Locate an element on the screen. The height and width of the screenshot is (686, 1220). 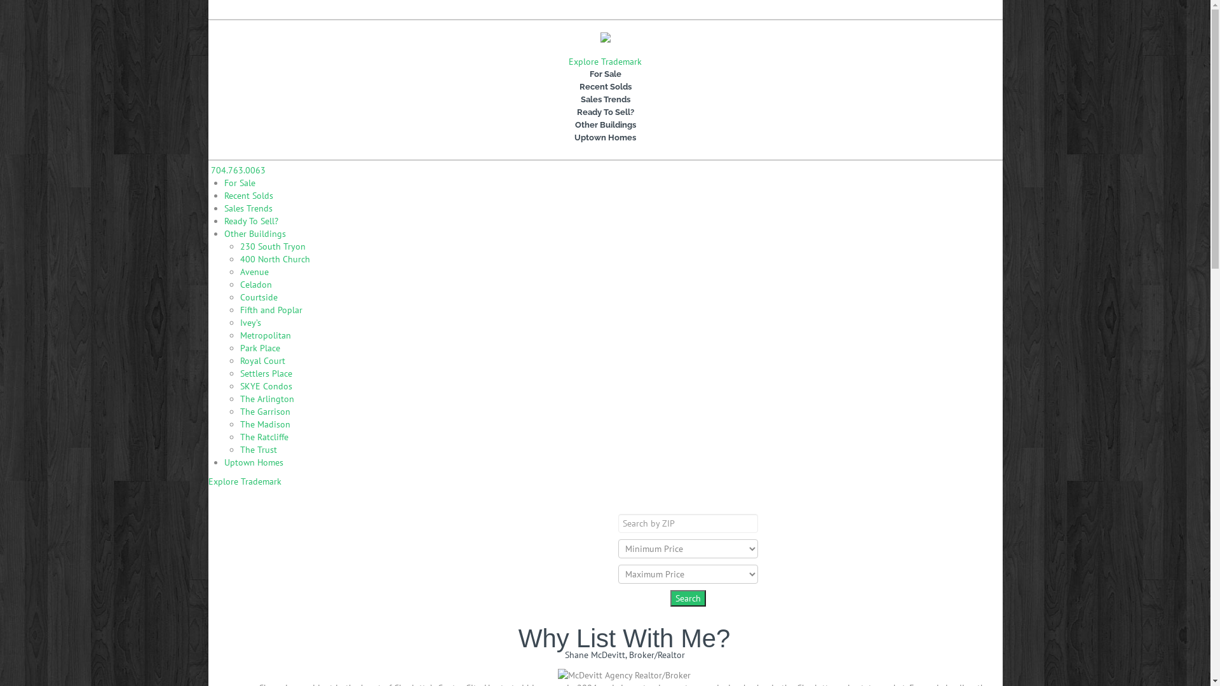
'Settlers Place' is located at coordinates (265, 372).